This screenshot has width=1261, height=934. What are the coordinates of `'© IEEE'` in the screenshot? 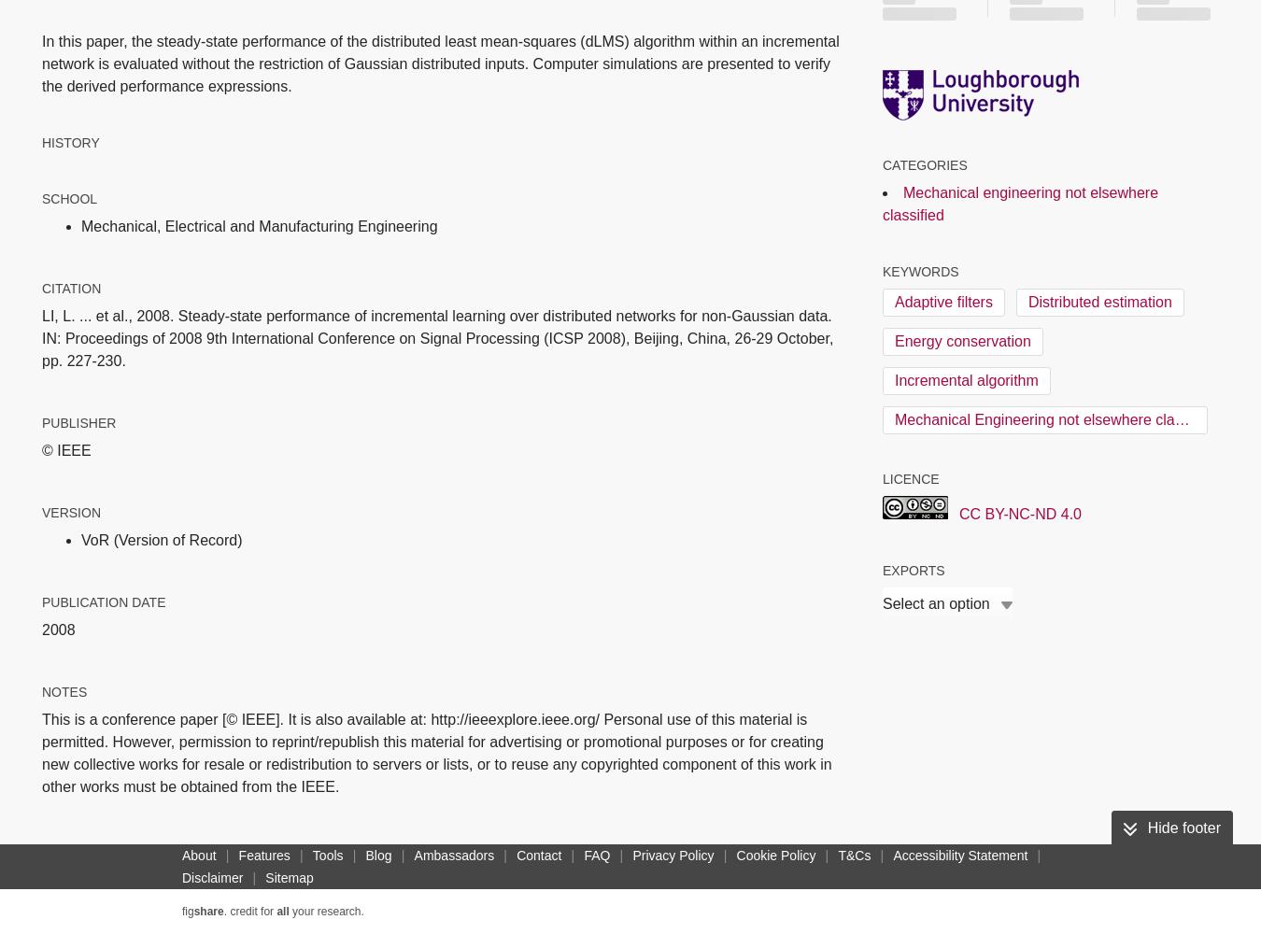 It's located at (65, 448).